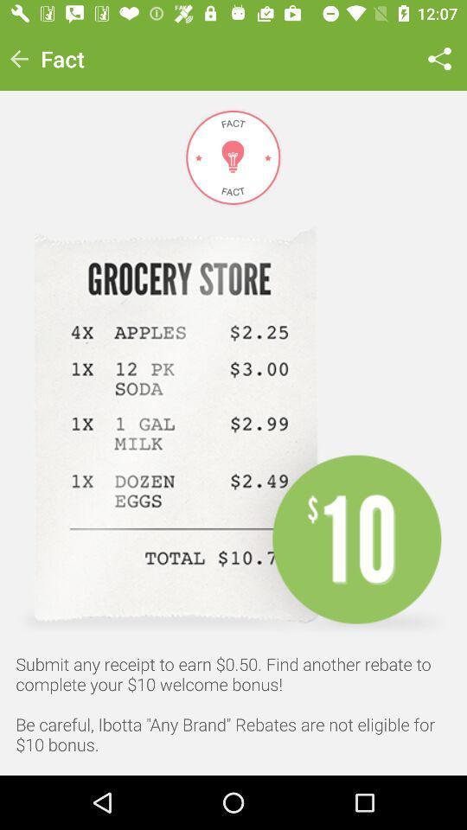 This screenshot has height=830, width=467. What do you see at coordinates (61, 59) in the screenshot?
I see `fact item` at bounding box center [61, 59].